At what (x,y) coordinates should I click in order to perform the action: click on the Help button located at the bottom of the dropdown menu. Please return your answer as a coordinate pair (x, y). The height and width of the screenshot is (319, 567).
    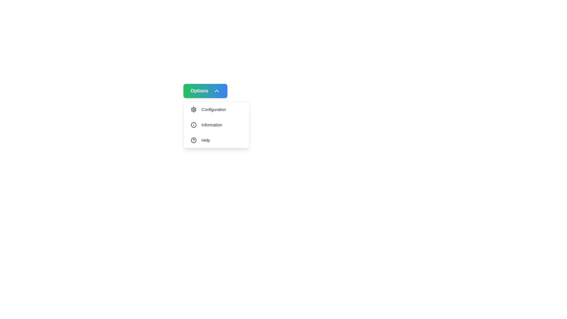
    Looking at the image, I should click on (216, 140).